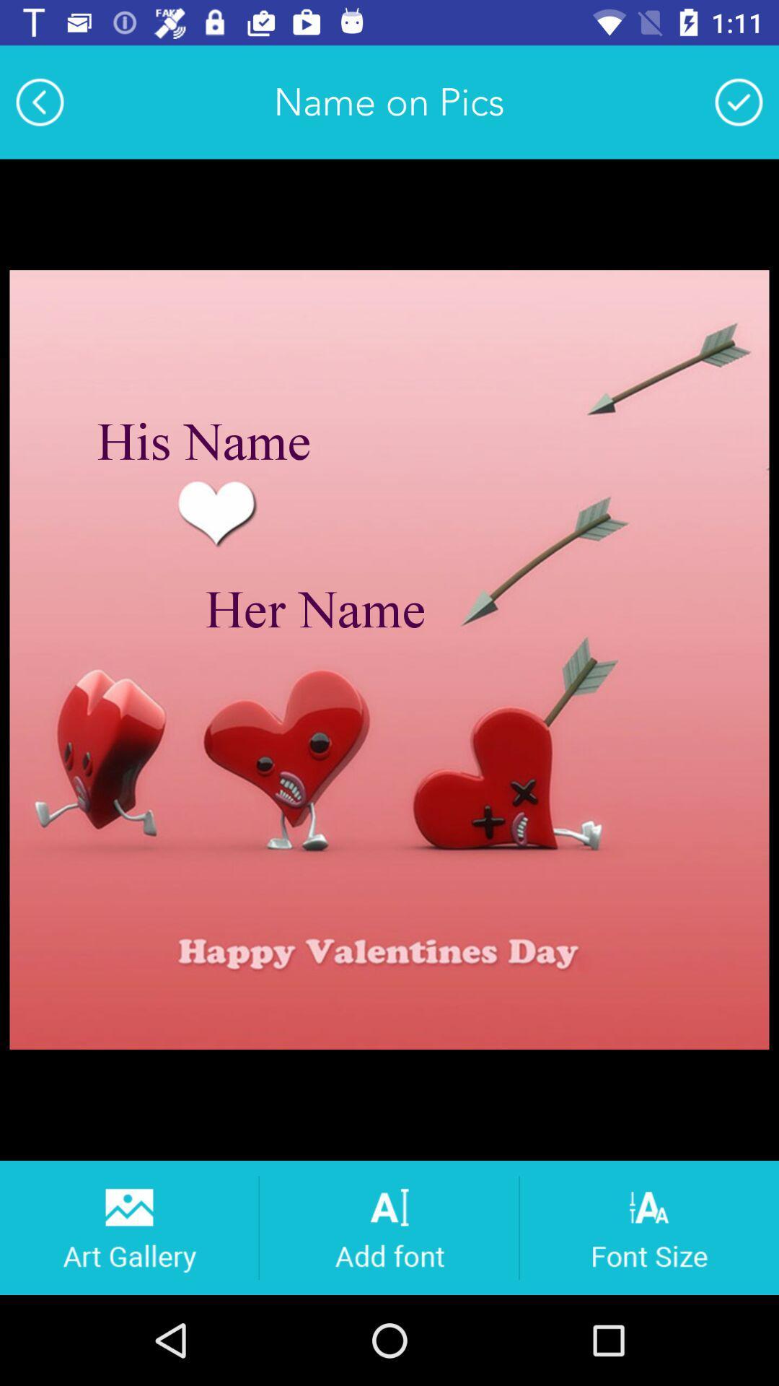  Describe the element at coordinates (739, 101) in the screenshot. I see `changes to picture` at that location.